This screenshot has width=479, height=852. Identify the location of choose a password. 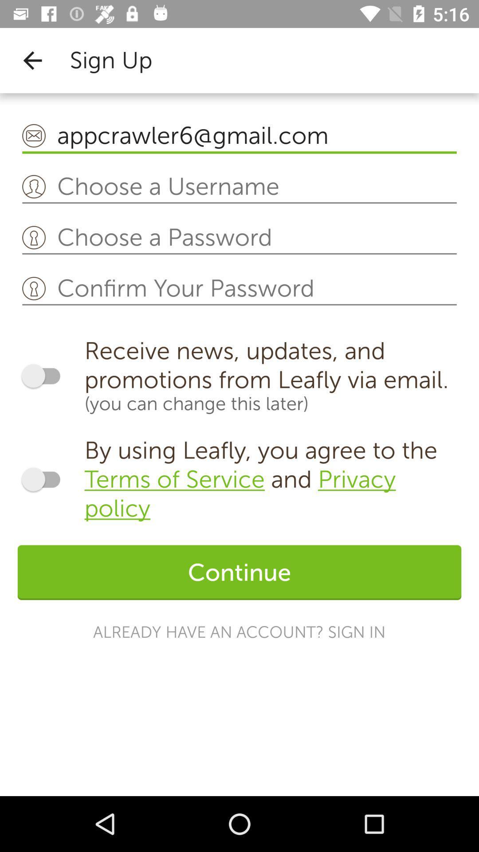
(239, 238).